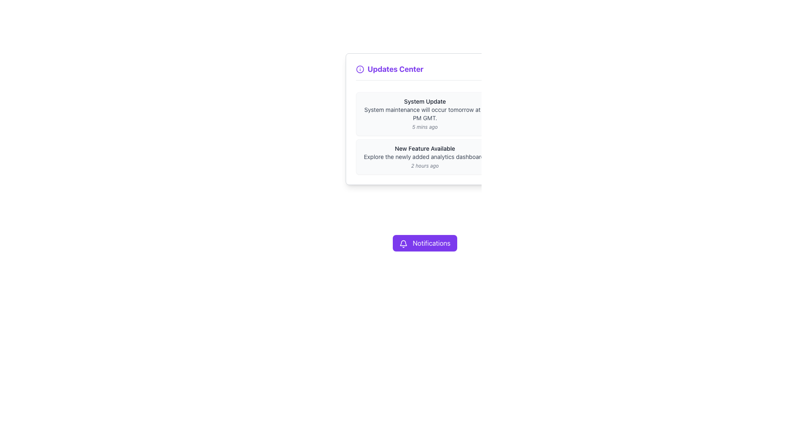 The width and height of the screenshot is (793, 446). I want to click on the Text label at the top middle of the notification card, which summarizes the content below, so click(425, 101).